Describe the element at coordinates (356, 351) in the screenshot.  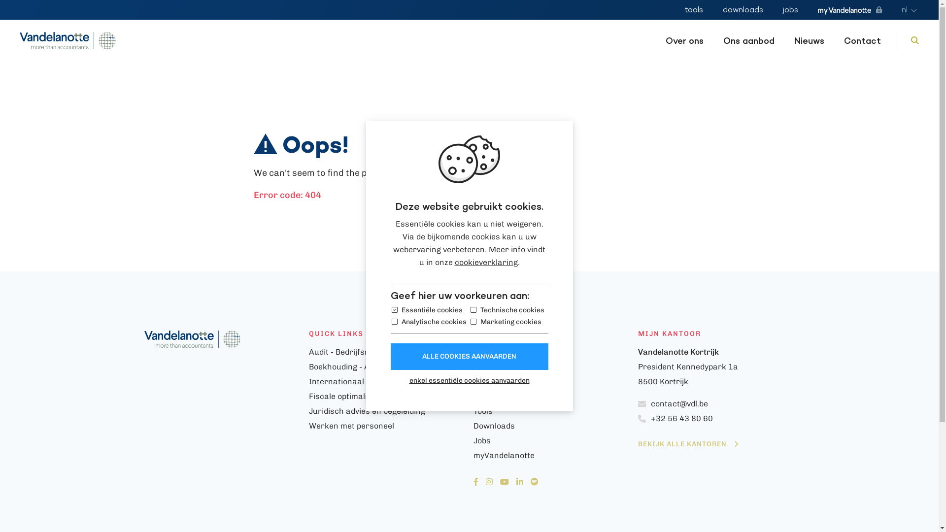
I see `'Audit - Bedrijfsrevisoraat'` at that location.